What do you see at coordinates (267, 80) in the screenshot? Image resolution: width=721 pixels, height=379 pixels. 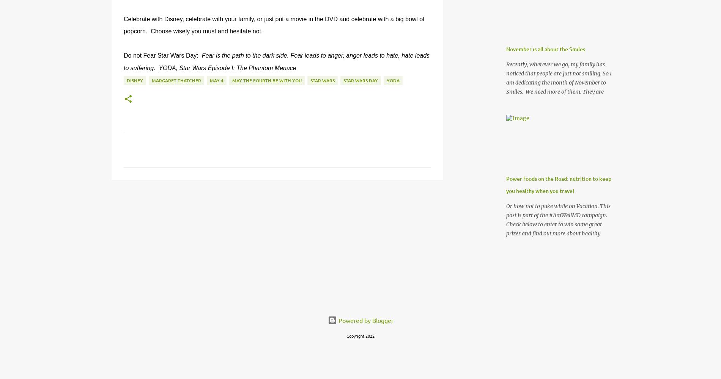 I see `'May the Fourth be with you'` at bounding box center [267, 80].